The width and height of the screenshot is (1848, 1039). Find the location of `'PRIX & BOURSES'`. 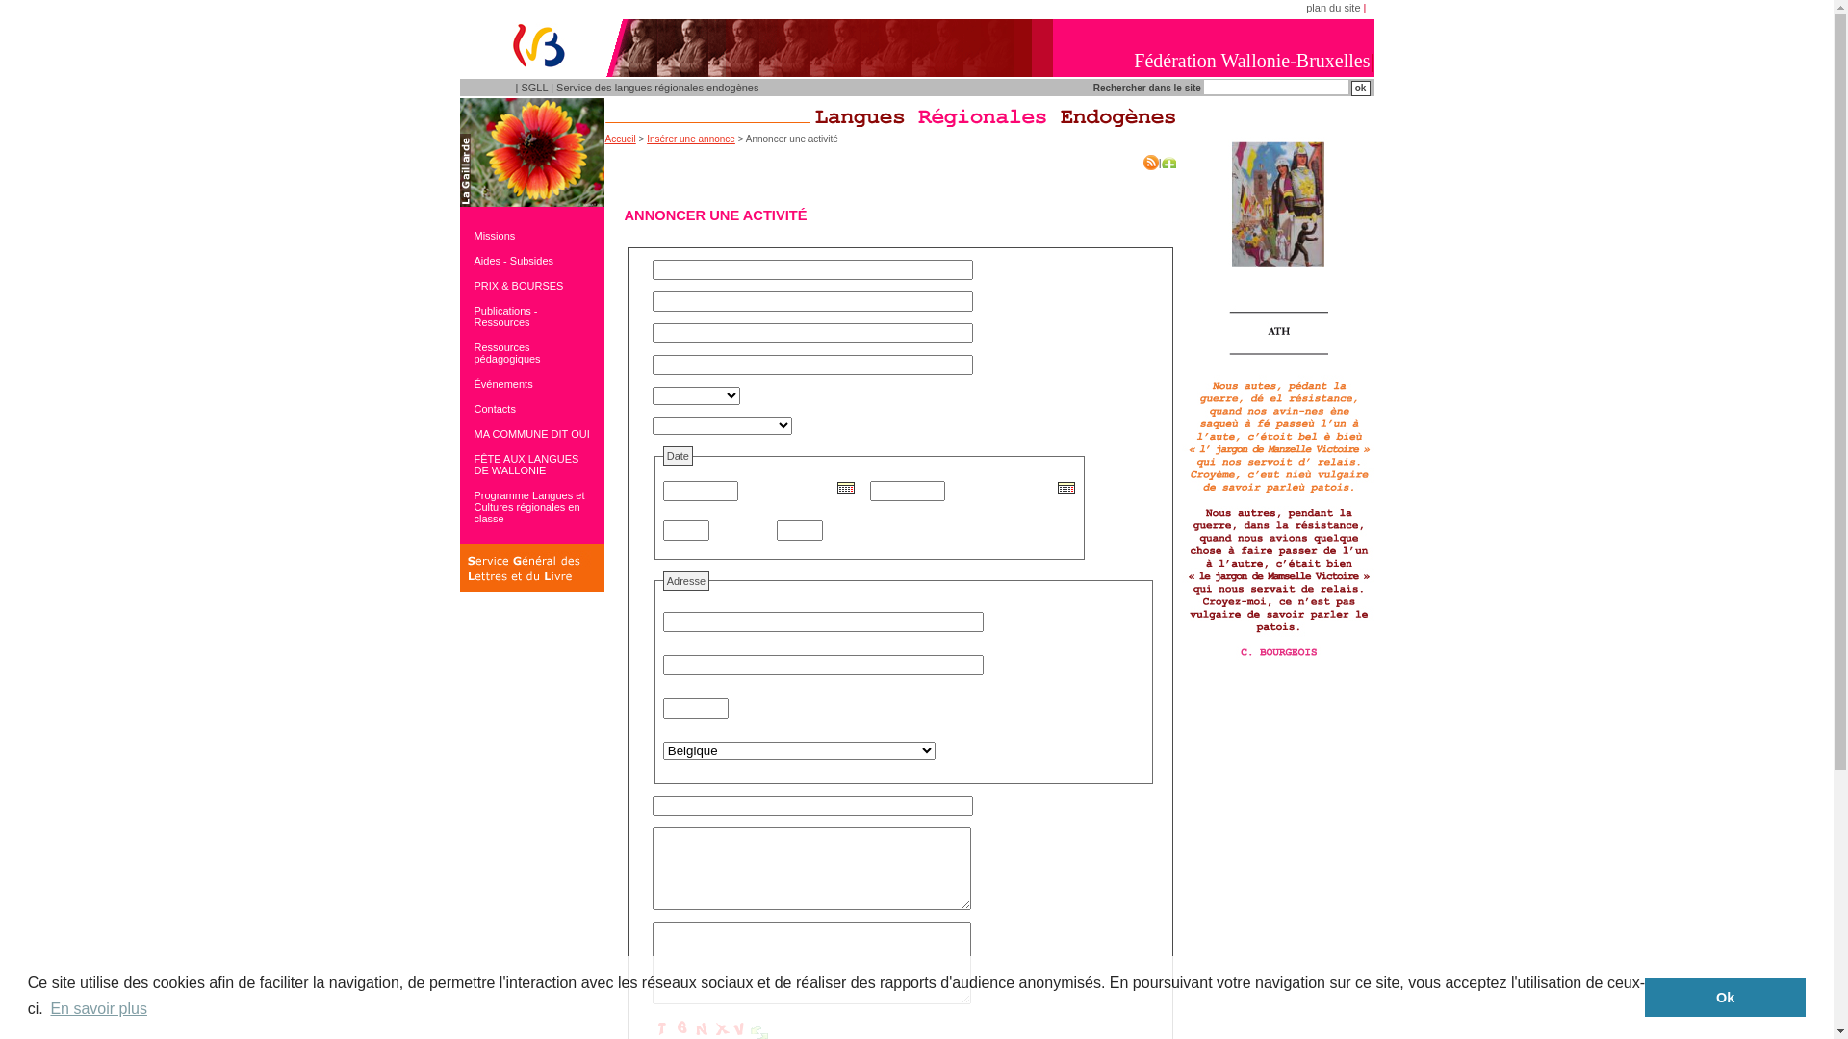

'PRIX & BOURSES' is located at coordinates (527, 286).